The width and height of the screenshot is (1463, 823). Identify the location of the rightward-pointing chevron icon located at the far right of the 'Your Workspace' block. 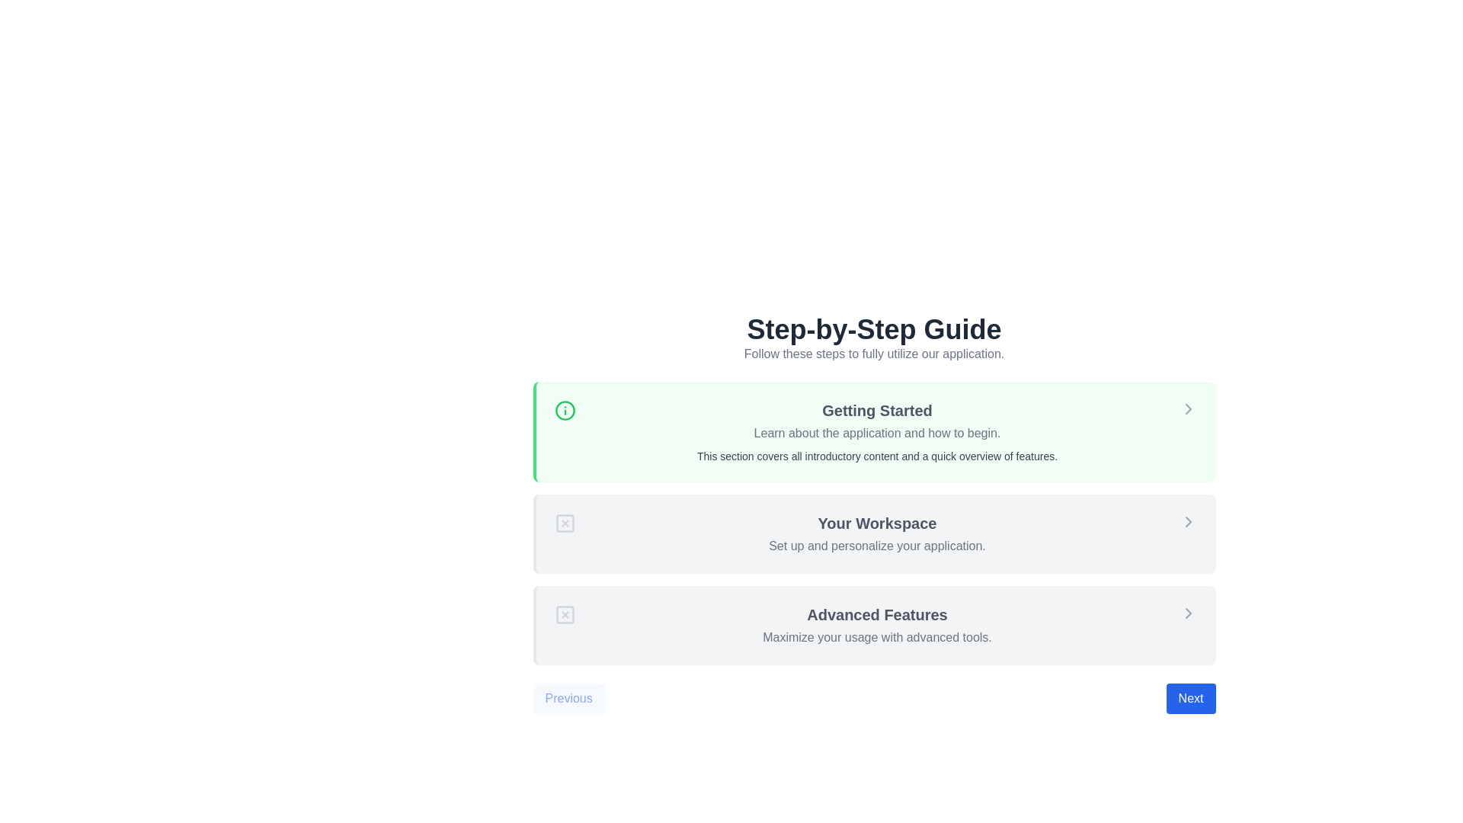
(1187, 521).